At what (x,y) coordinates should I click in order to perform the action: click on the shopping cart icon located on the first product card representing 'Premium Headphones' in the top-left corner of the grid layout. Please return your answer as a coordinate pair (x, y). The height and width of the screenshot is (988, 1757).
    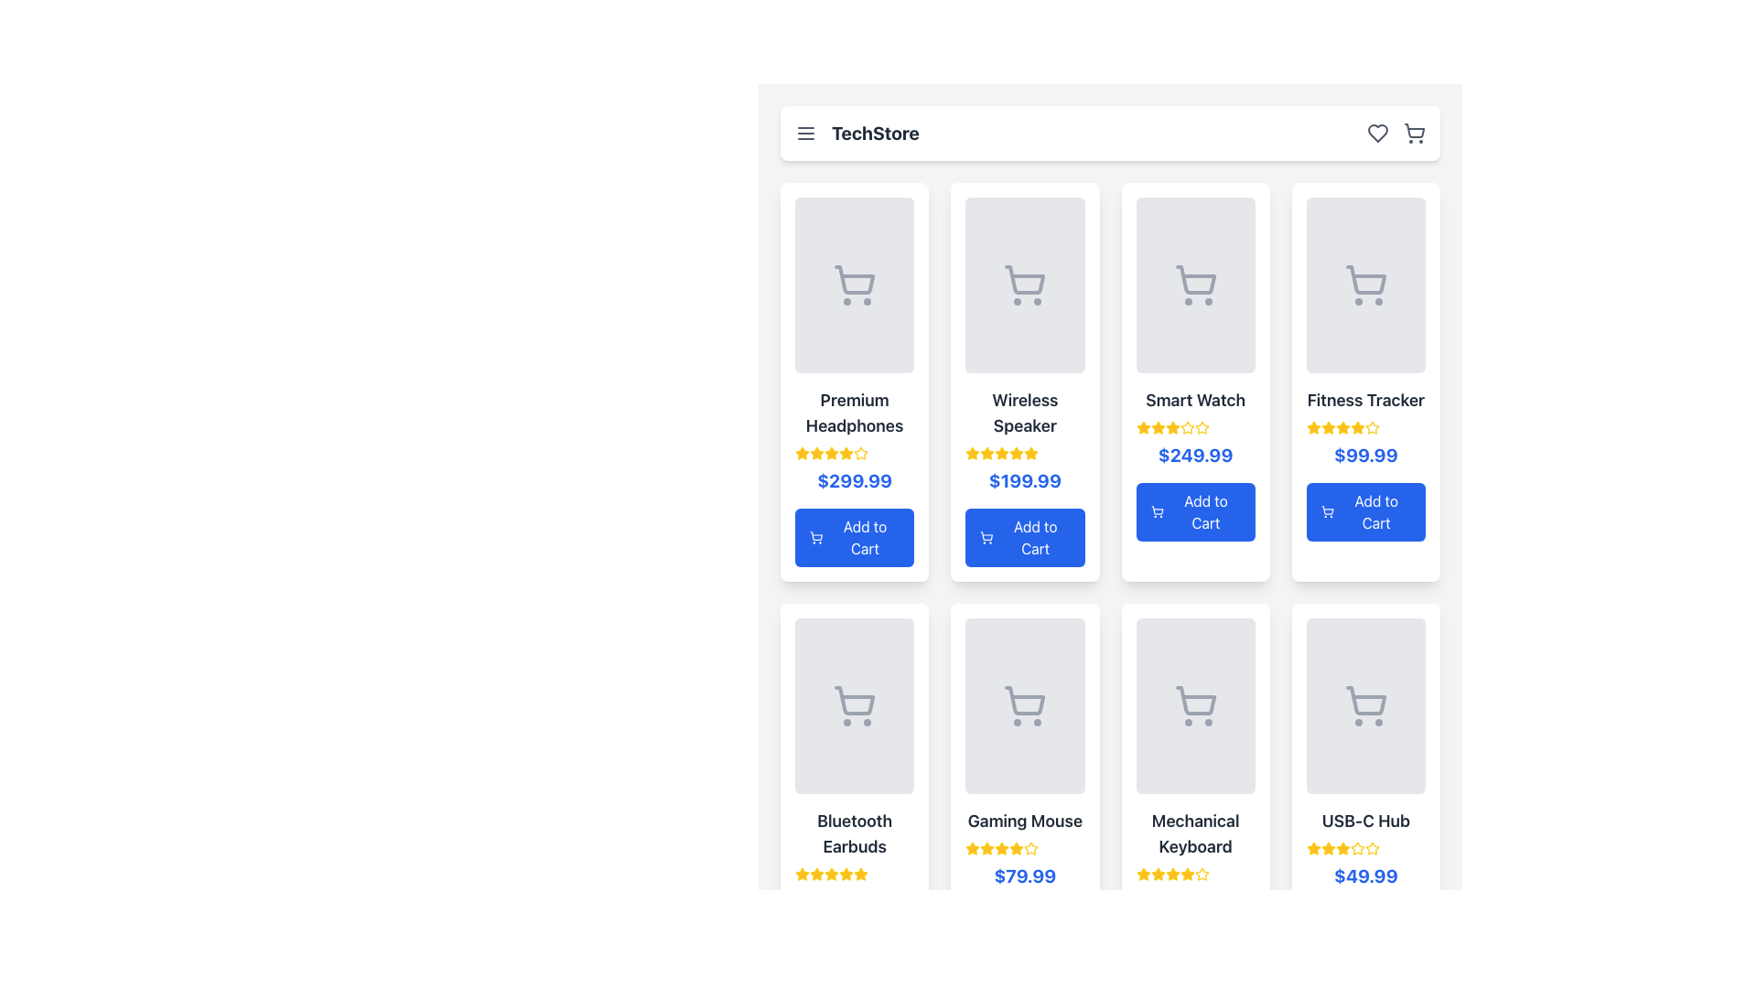
    Looking at the image, I should click on (854, 285).